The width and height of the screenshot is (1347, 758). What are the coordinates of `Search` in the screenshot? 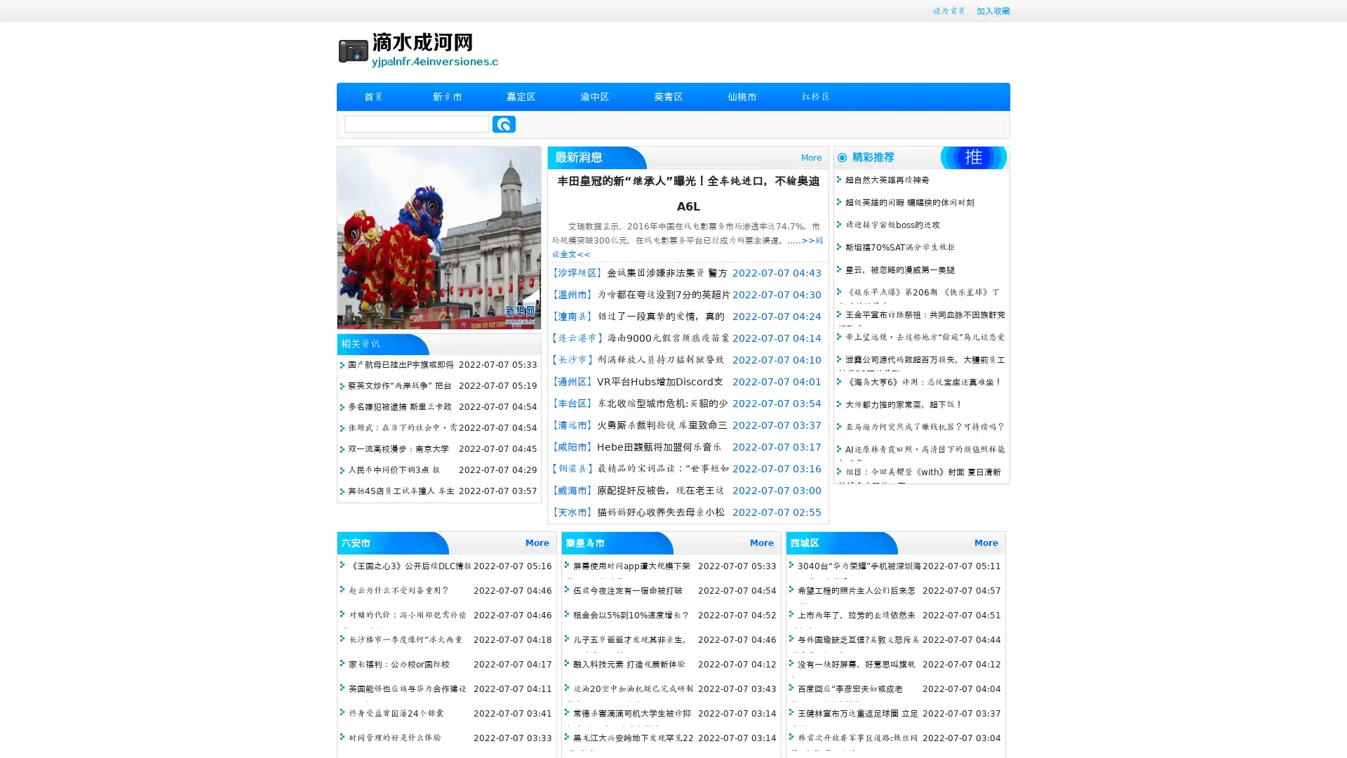 It's located at (504, 124).